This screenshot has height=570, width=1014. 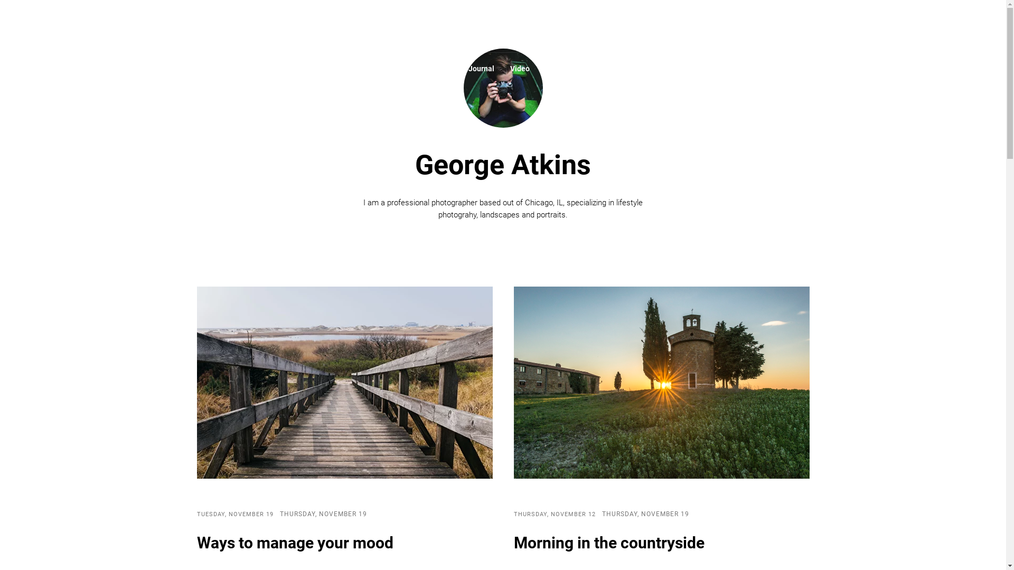 I want to click on 'About', so click(x=442, y=69).